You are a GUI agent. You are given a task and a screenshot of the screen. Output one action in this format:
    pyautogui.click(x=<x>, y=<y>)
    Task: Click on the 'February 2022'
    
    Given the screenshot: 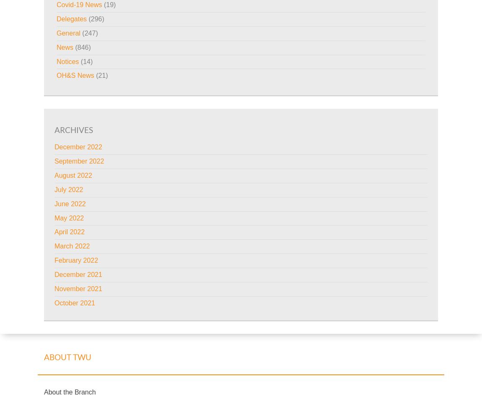 What is the action you would take?
    pyautogui.click(x=76, y=260)
    